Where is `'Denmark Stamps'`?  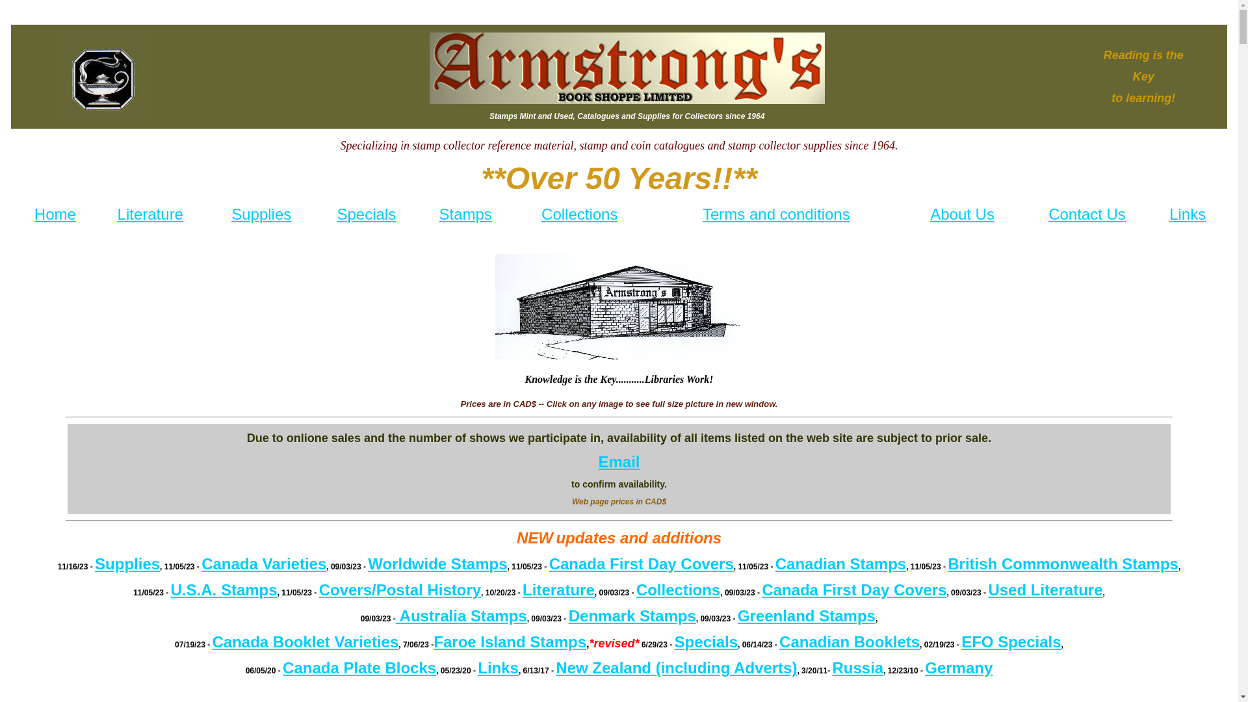
'Denmark Stamps' is located at coordinates (632, 615).